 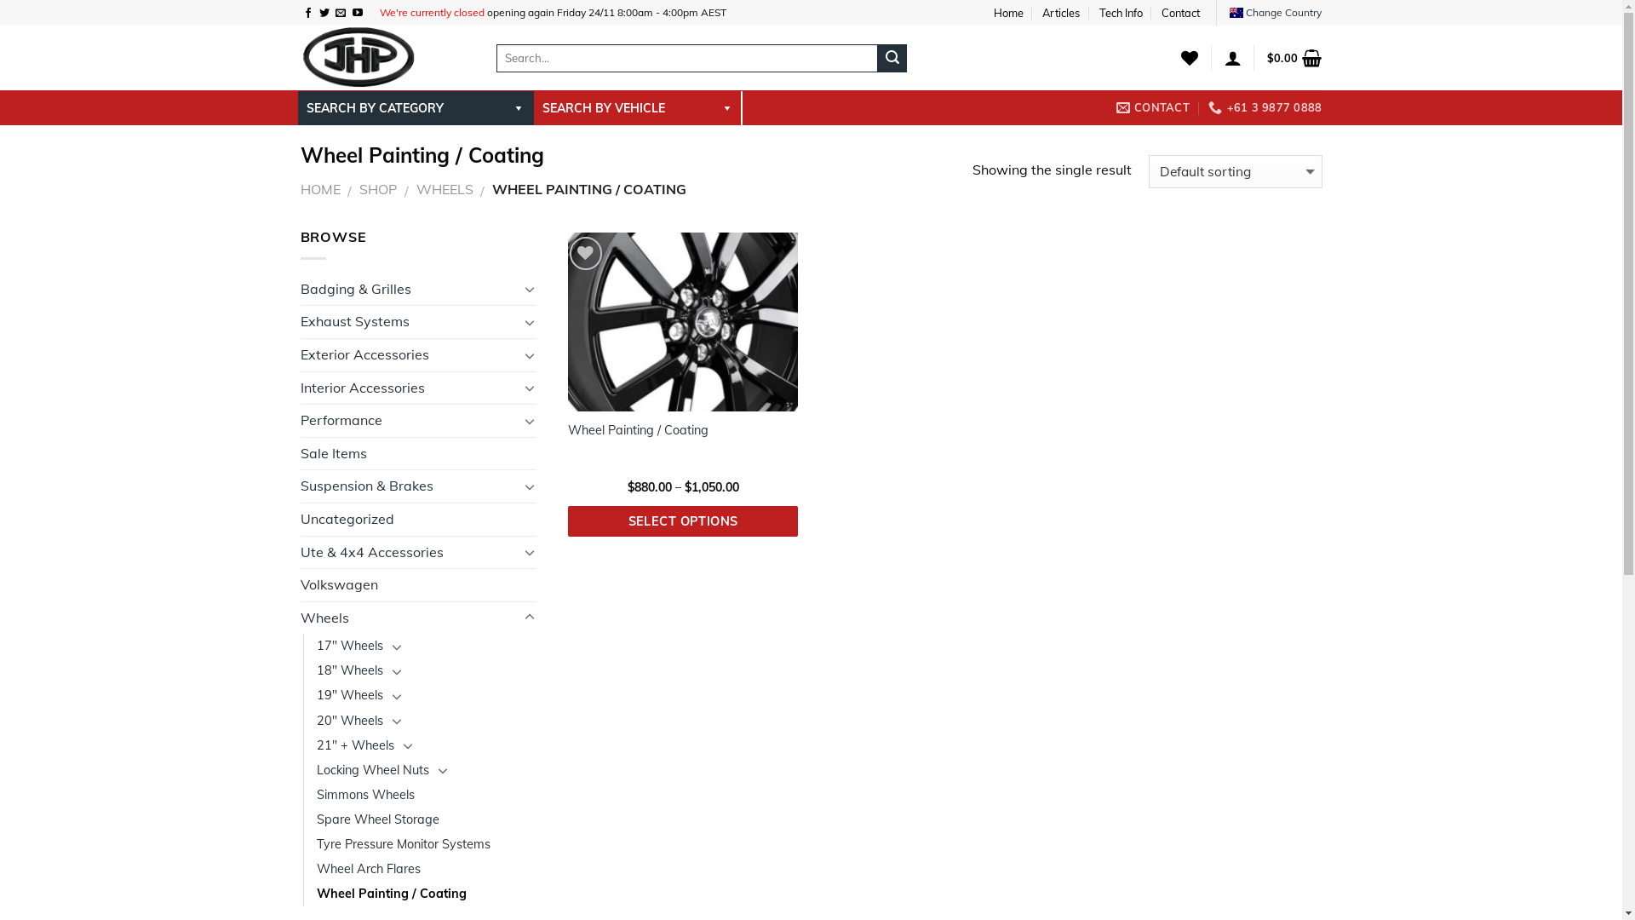 What do you see at coordinates (409, 322) in the screenshot?
I see `'Exhaust Systems'` at bounding box center [409, 322].